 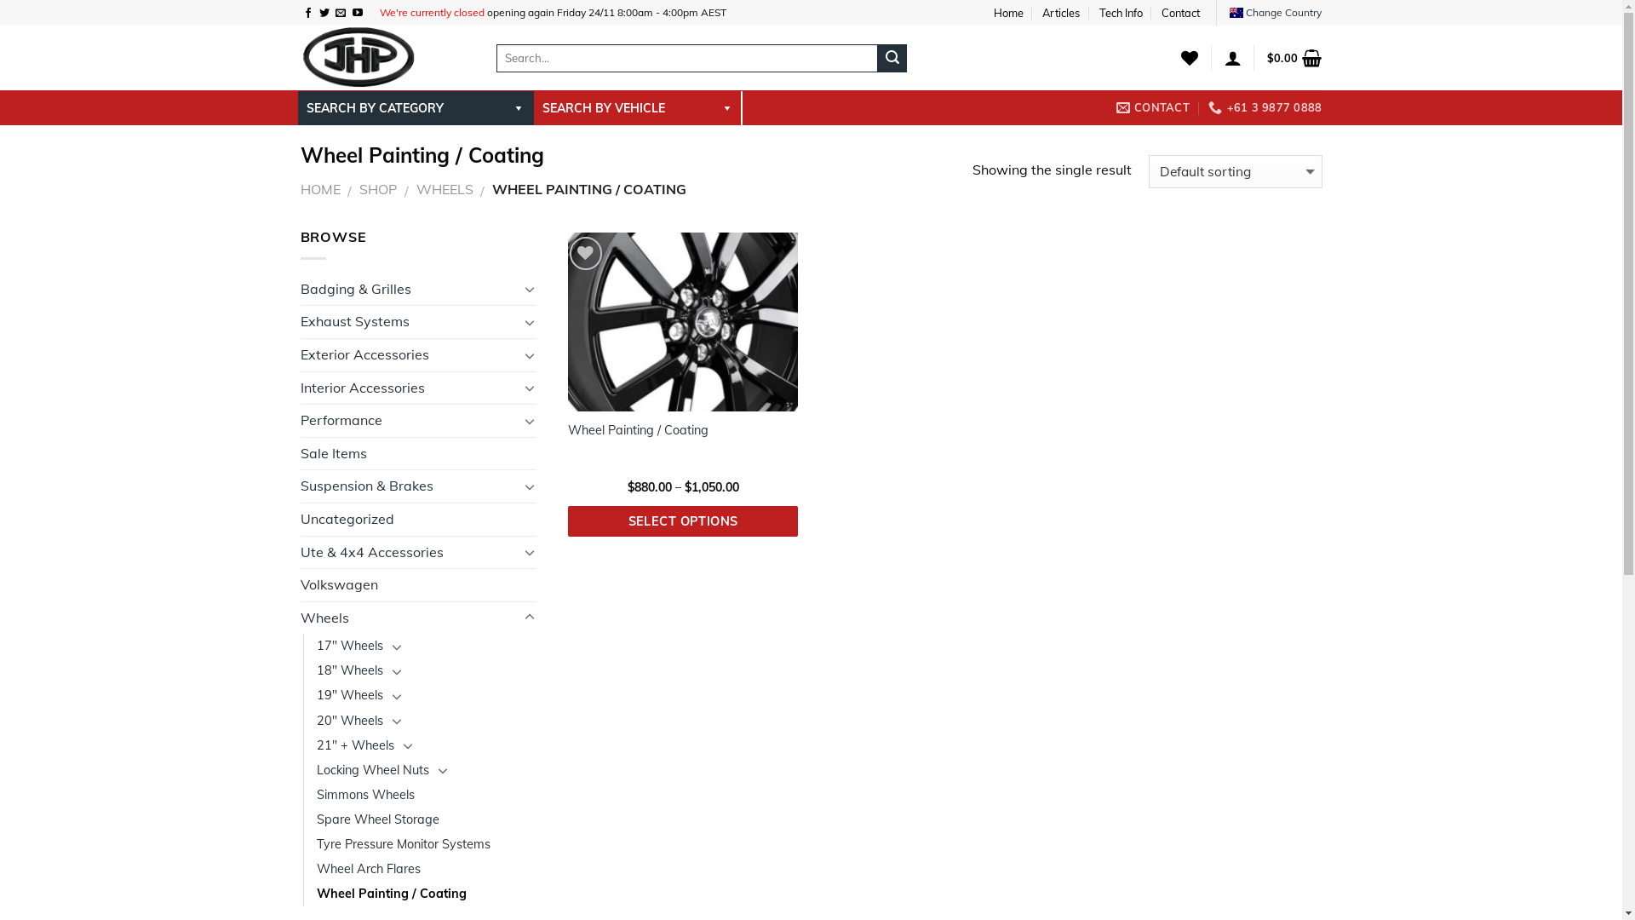 What do you see at coordinates (409, 322) in the screenshot?
I see `'Exhaust Systems'` at bounding box center [409, 322].